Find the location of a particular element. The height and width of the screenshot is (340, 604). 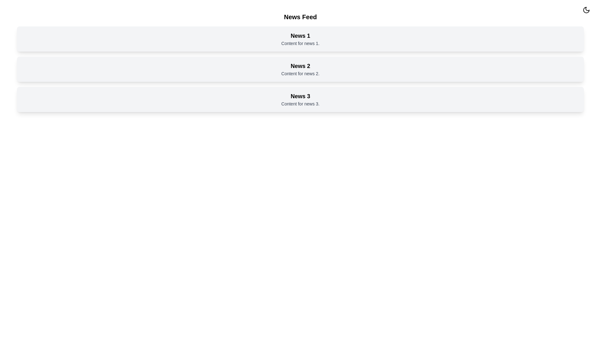

the static text providing supplementary information for the 'News 3' heading, which is centrally aligned below its headline is located at coordinates (300, 104).